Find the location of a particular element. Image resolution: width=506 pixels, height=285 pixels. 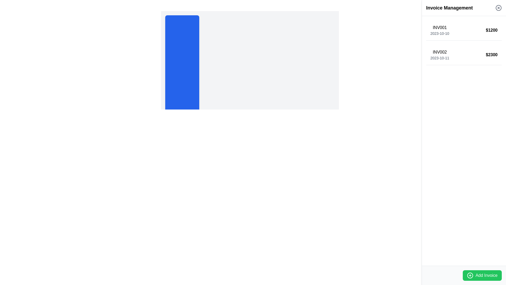

the second row of invoice items in the right sidebar, which displays the invoice number 'INV002', the date '2023-10-11', and the amount '$2300' is located at coordinates (464, 55).